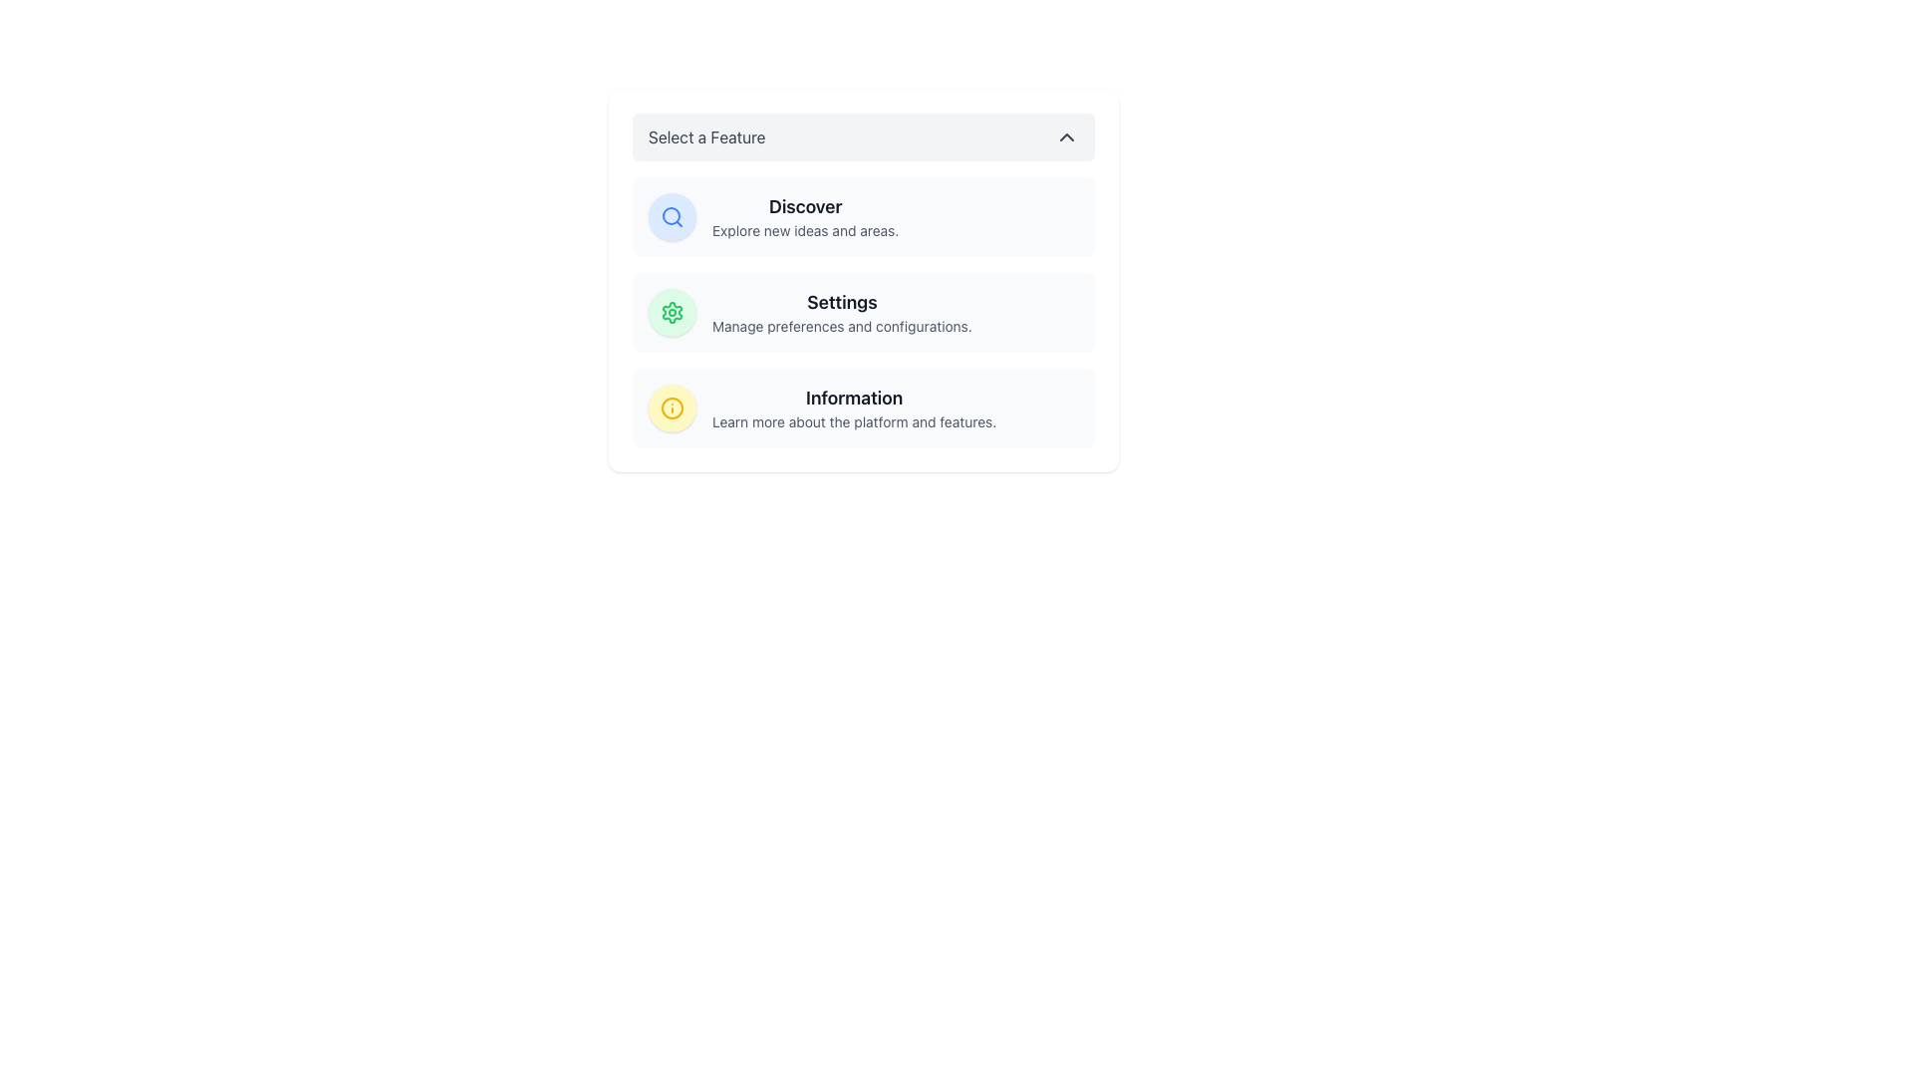  What do you see at coordinates (805, 207) in the screenshot?
I see `the 'Discover' text label, which serves as the main label for the Discover section, located below the magnifying glass icon and above the text 'Explore new ideas and areas.'` at bounding box center [805, 207].